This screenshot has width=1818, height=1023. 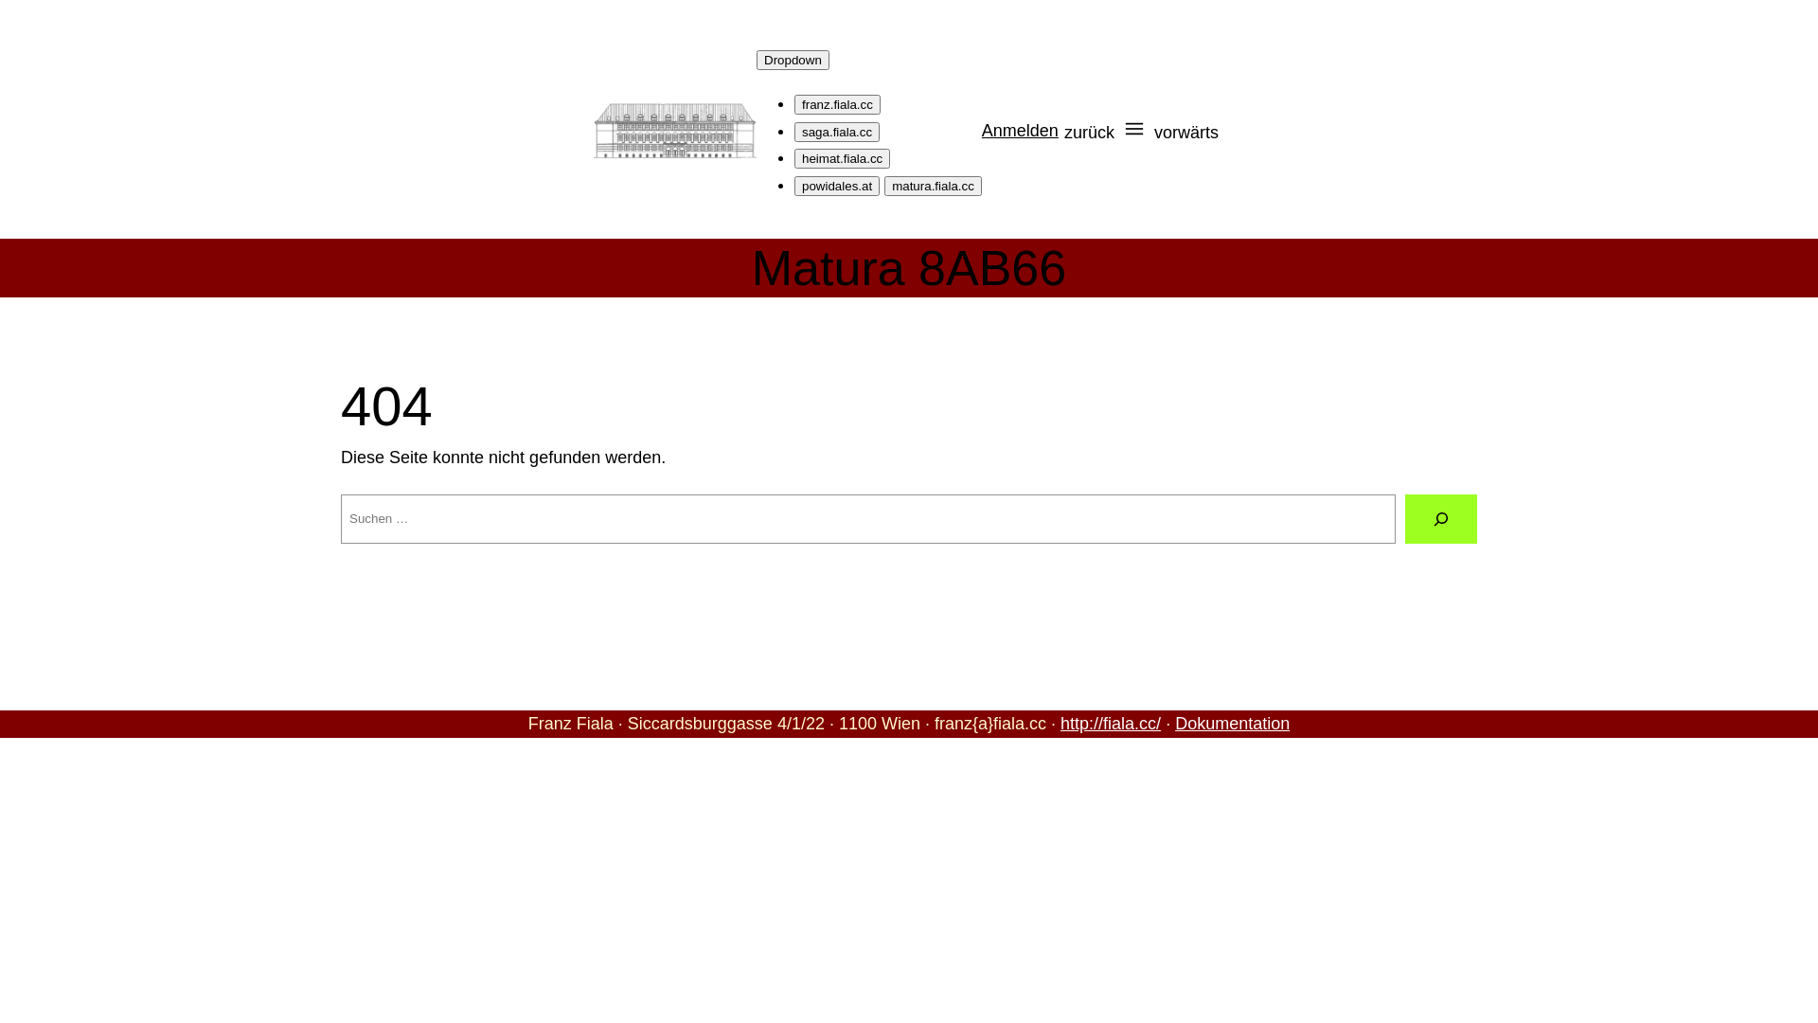 What do you see at coordinates (755, 59) in the screenshot?
I see `'Dropdown'` at bounding box center [755, 59].